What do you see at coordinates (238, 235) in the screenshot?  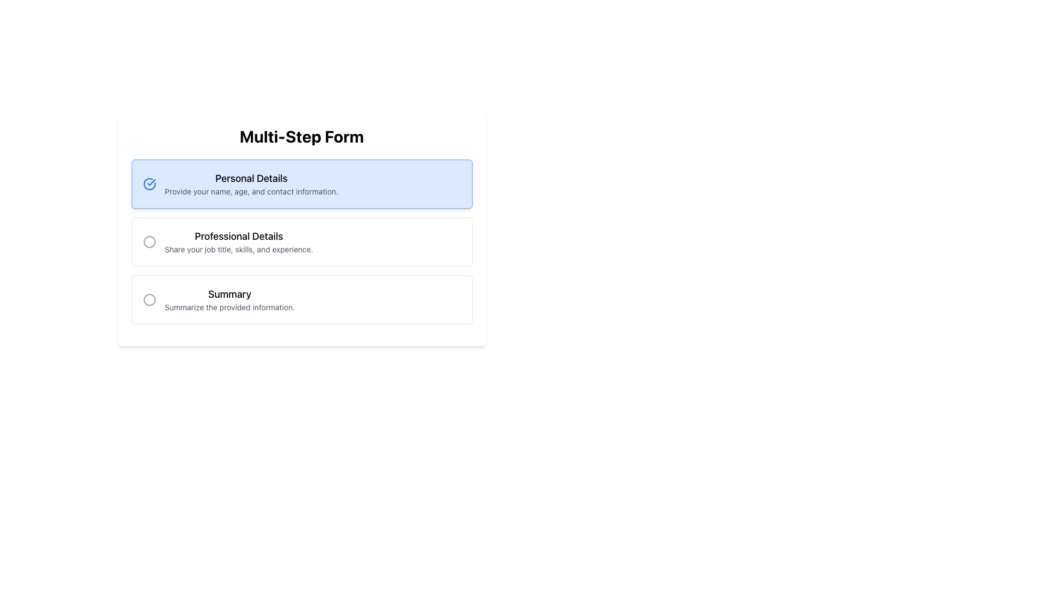 I see `the Text label or section heading that serves as the title for the section, positioned between 'Personal Details' and 'Summary' in the multi-step form layout` at bounding box center [238, 235].